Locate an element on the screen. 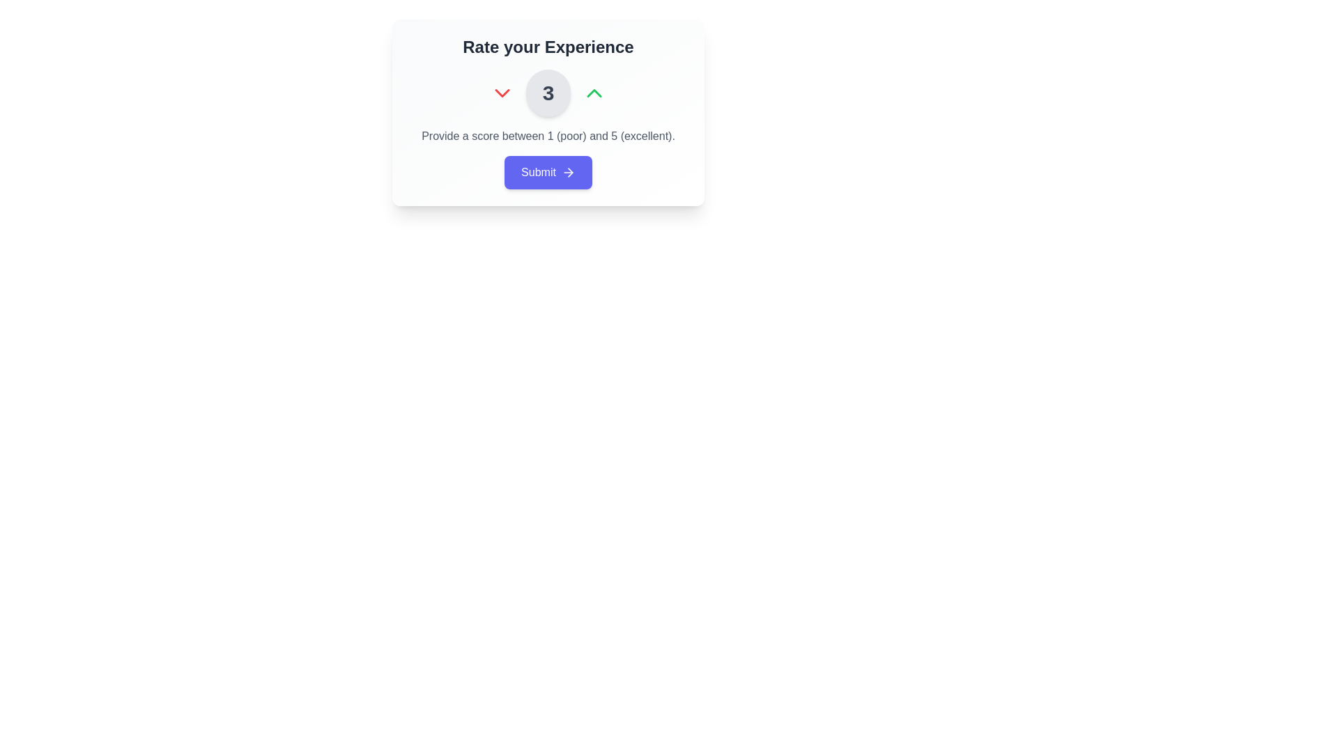 The width and height of the screenshot is (1338, 752). the upward-pointing green arrow icon in the top-right corner of the scoring interface to increase the score is located at coordinates (594, 93).